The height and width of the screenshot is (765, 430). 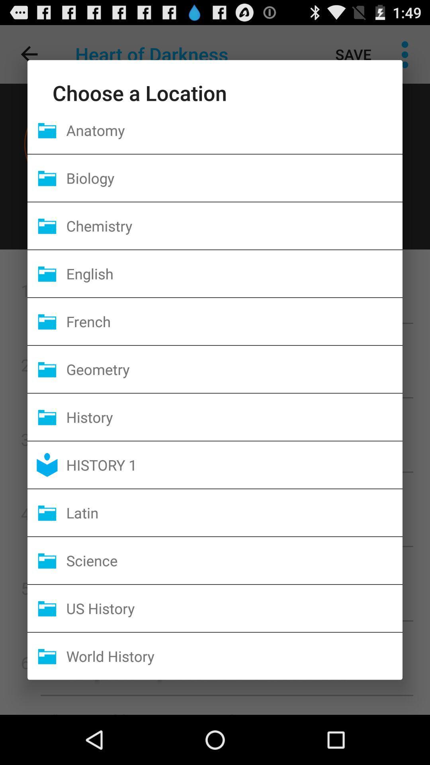 What do you see at coordinates (234, 321) in the screenshot?
I see `the french` at bounding box center [234, 321].